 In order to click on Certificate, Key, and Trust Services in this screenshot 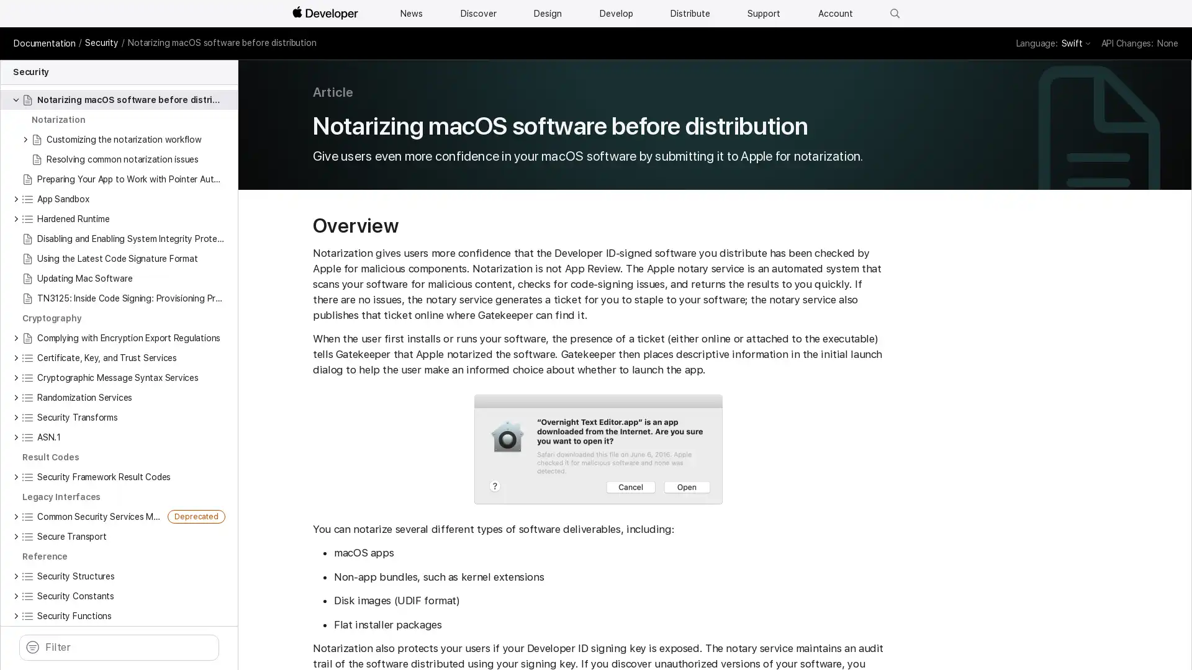, I will do `click(14, 365)`.